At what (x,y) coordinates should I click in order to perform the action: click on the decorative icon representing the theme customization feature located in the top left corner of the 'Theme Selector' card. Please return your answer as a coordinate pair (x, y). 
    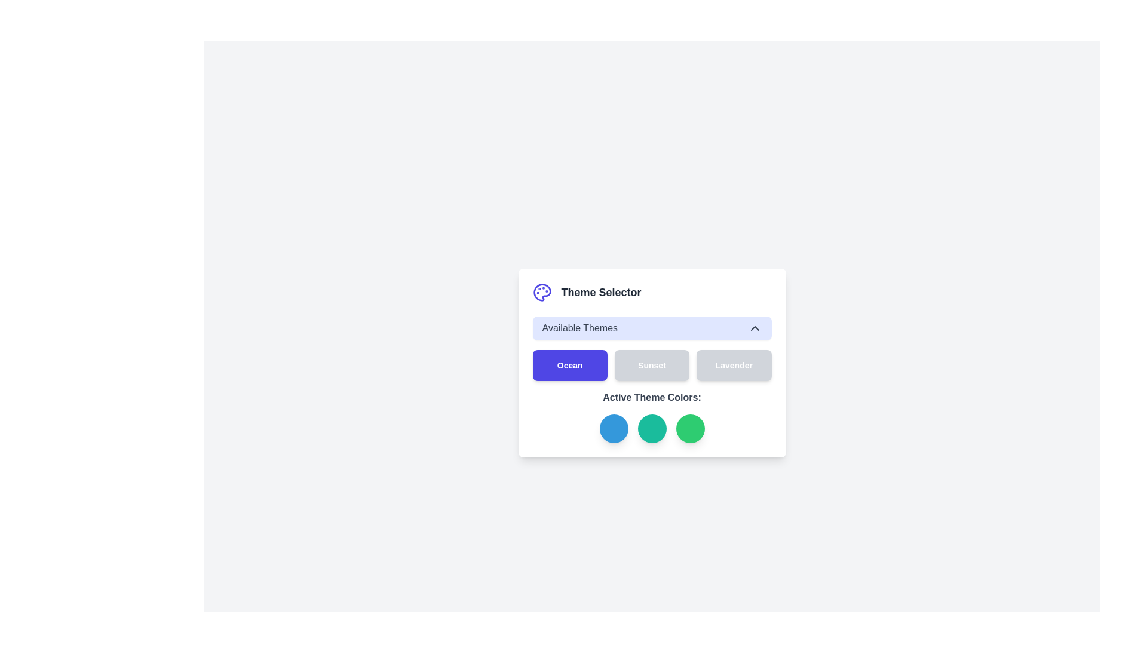
    Looking at the image, I should click on (541, 292).